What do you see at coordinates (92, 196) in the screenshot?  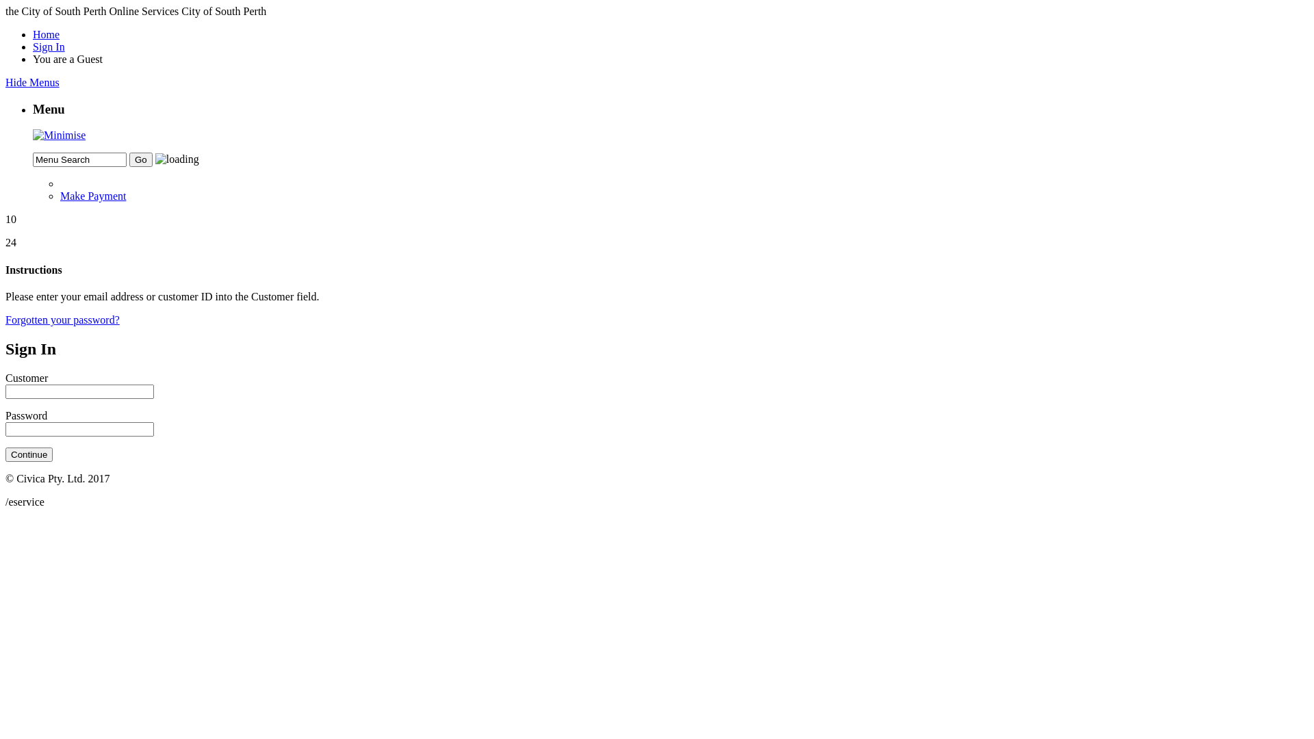 I see `'Make Payment'` at bounding box center [92, 196].